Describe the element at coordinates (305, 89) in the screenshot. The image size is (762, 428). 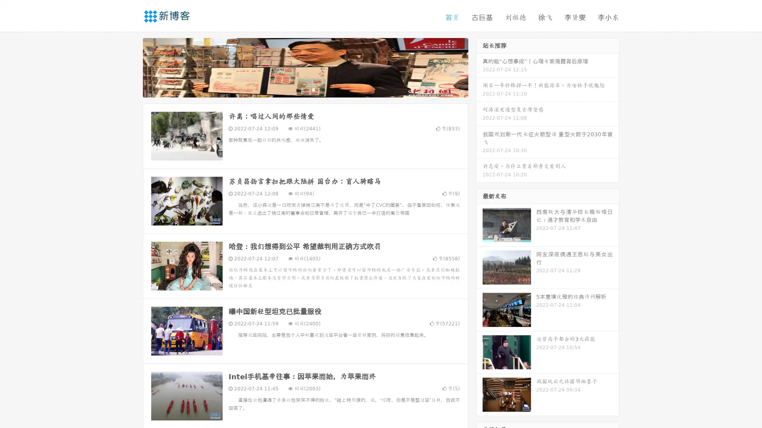
I see `Go to slide 2` at that location.